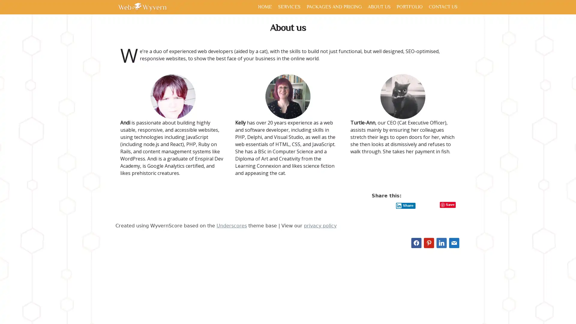  I want to click on Share, so click(406, 205).